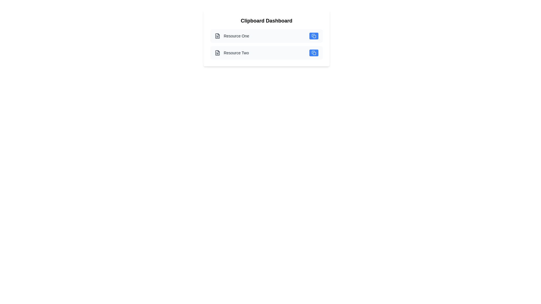  Describe the element at coordinates (217, 36) in the screenshot. I see `the document or file icon located at the leftmost side of the row labeled 'Resource One' in the Clipboard Dashboard` at that location.